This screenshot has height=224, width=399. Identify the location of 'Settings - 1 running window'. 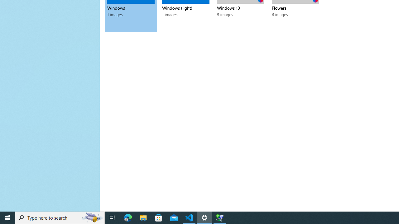
(204, 217).